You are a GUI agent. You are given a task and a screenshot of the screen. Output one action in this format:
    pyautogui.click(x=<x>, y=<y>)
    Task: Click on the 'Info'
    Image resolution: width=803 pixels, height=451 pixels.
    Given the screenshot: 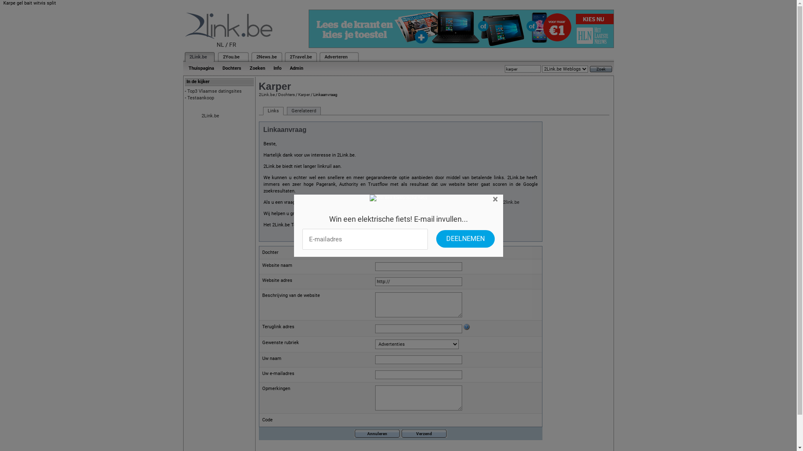 What is the action you would take?
    pyautogui.click(x=277, y=68)
    